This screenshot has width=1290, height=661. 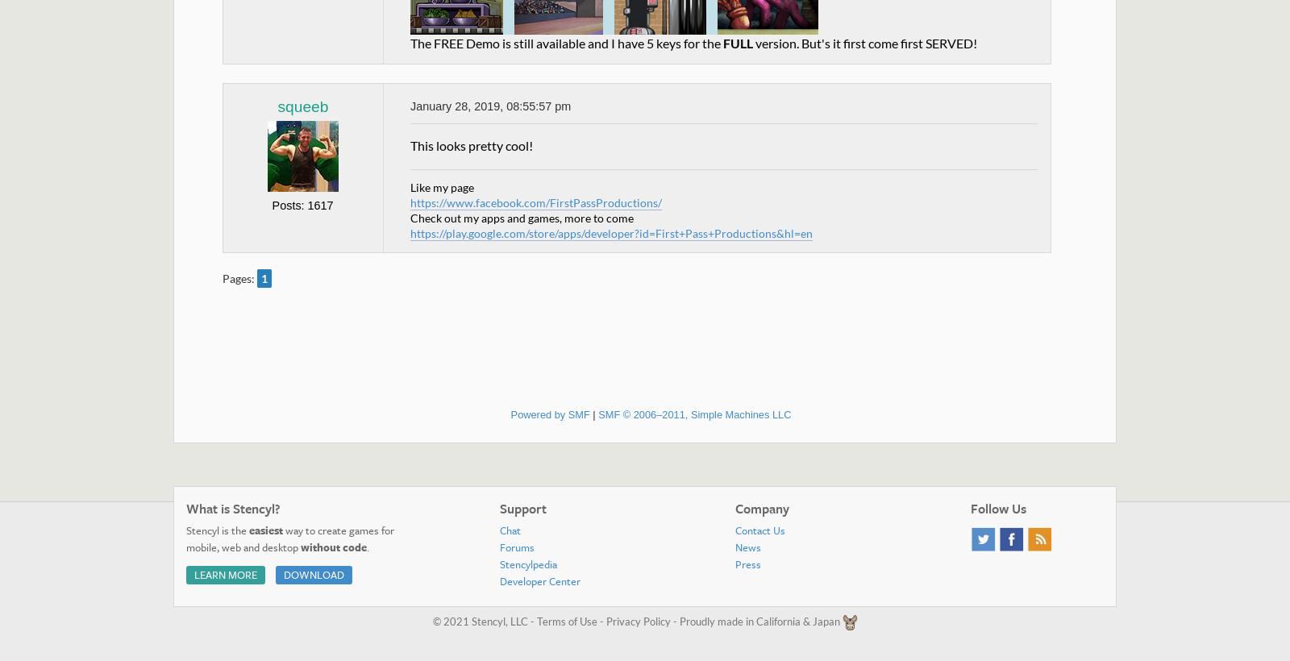 I want to click on 'FULL', so click(x=722, y=42).